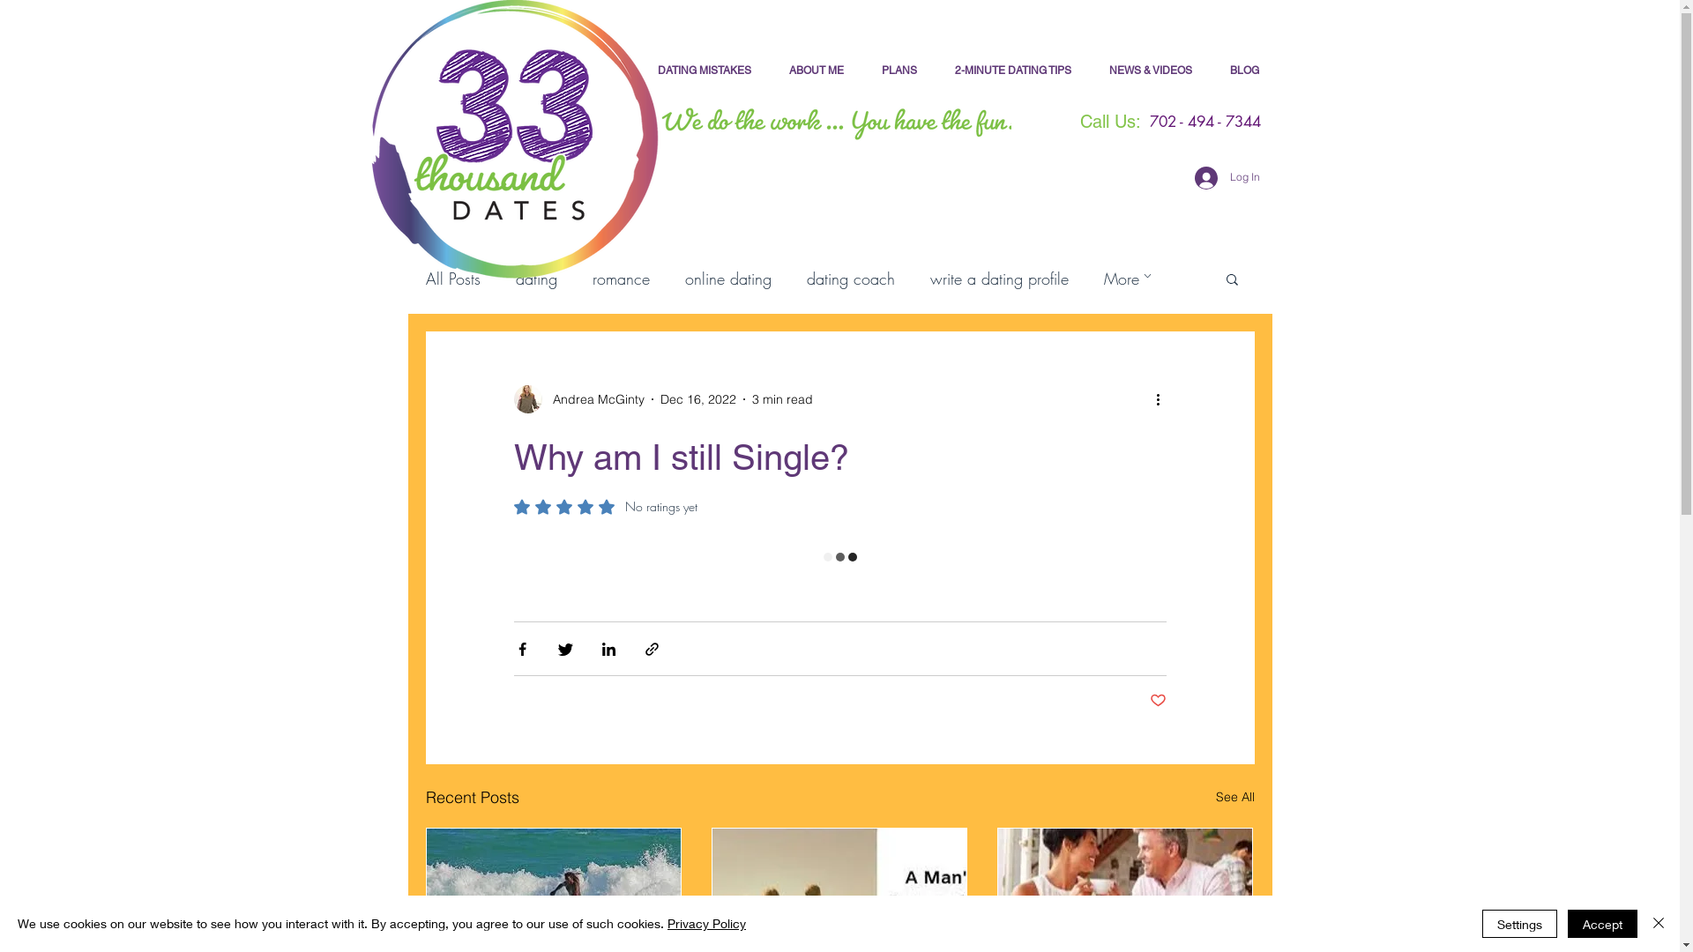 The width and height of the screenshot is (1693, 952). Describe the element at coordinates (1108, 121) in the screenshot. I see `'702 - 494 - 7344'` at that location.